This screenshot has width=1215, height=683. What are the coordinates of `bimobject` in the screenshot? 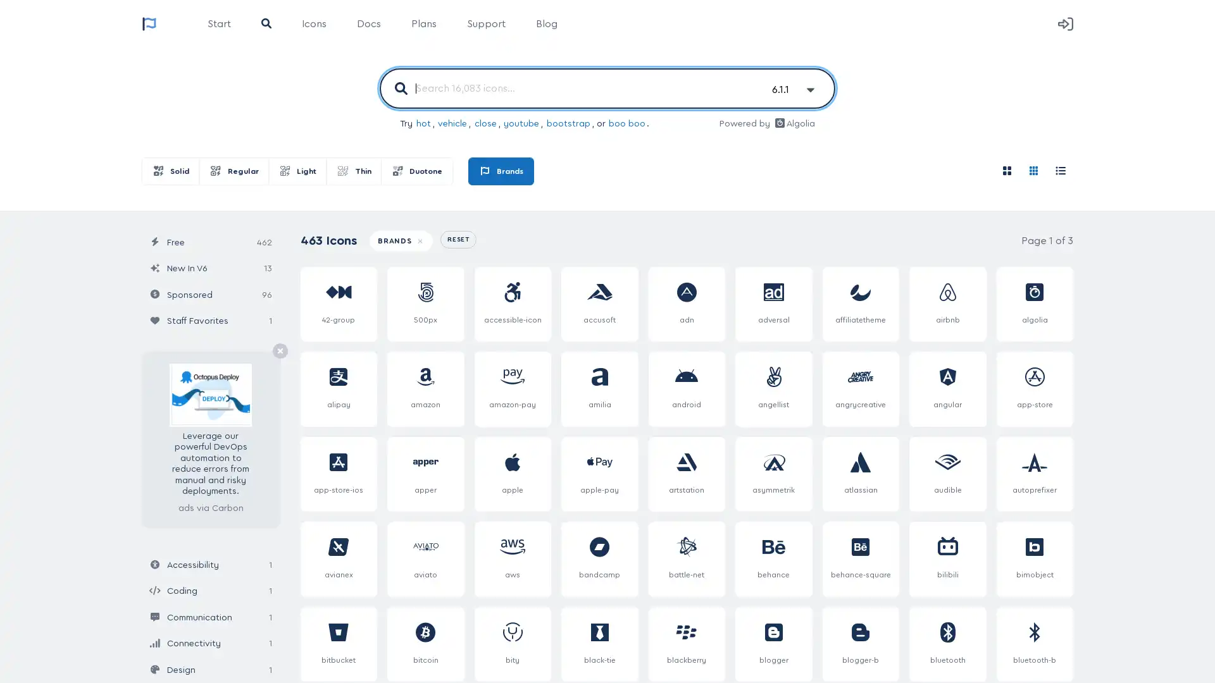 It's located at (1034, 567).